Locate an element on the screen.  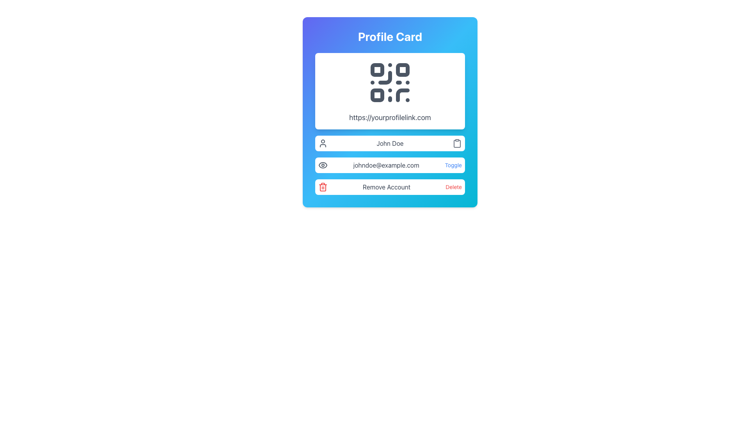
the top-left square of the QR code, which is a small, square-shaped block with rounded corners, distinctly separated from other sections is located at coordinates (377, 69).